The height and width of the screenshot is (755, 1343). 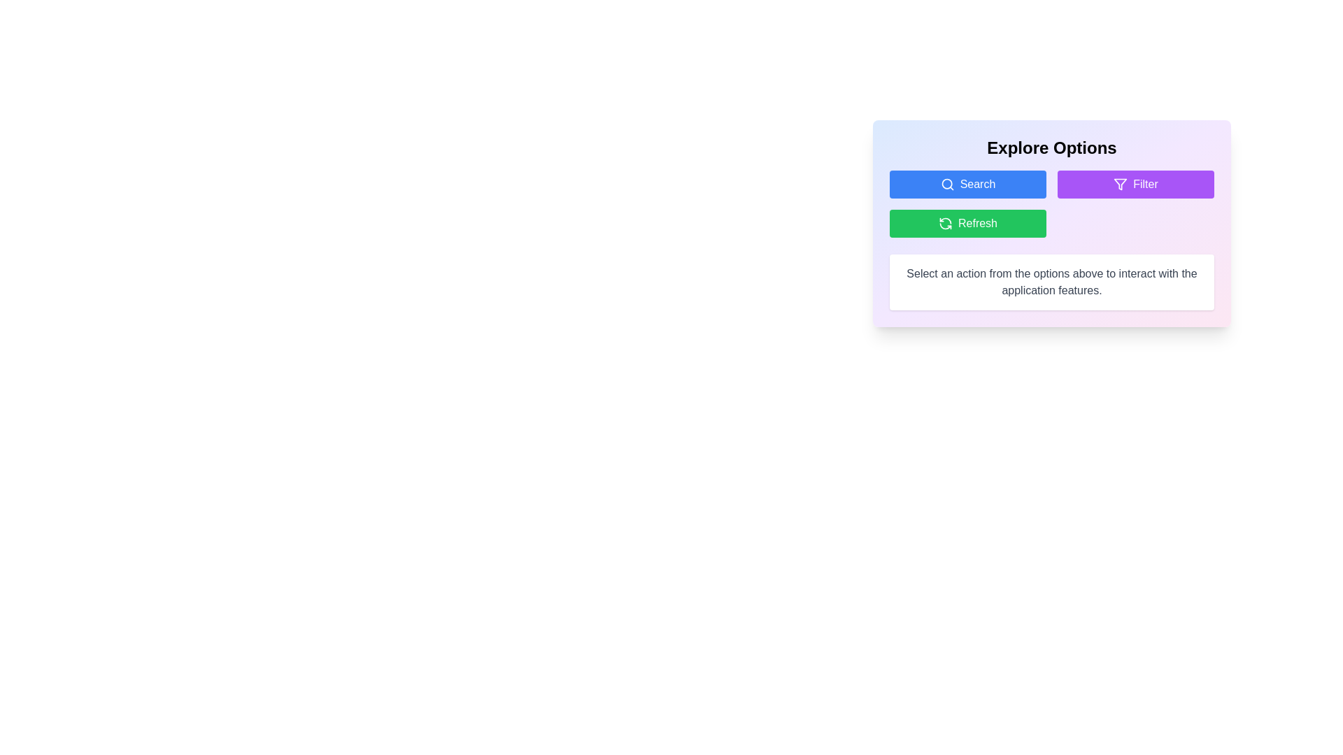 What do you see at coordinates (947, 183) in the screenshot?
I see `the 'Search' button containing the magnifying glass icon located in the top-left portion of the action option section to activate the search function` at bounding box center [947, 183].